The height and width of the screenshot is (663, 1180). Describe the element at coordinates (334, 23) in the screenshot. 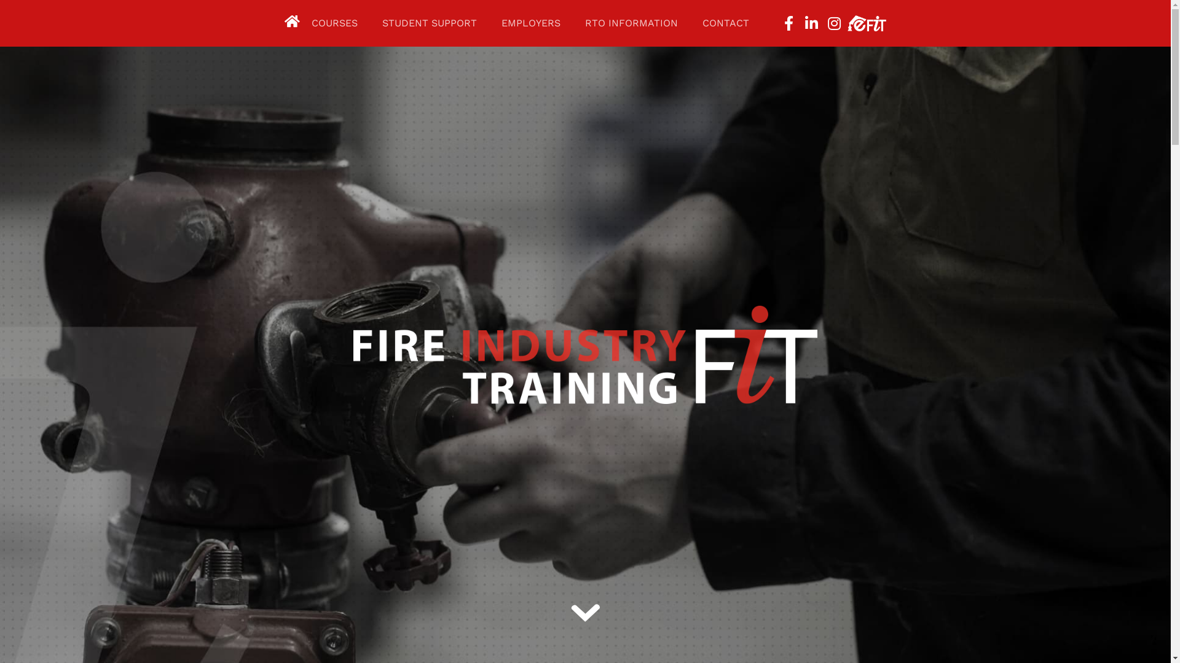

I see `'COURSES'` at that location.